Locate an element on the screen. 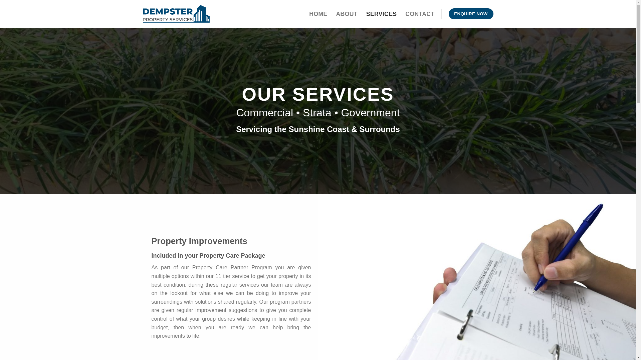 The width and height of the screenshot is (641, 360). 'ENQUIRE NOW' is located at coordinates (471, 14).